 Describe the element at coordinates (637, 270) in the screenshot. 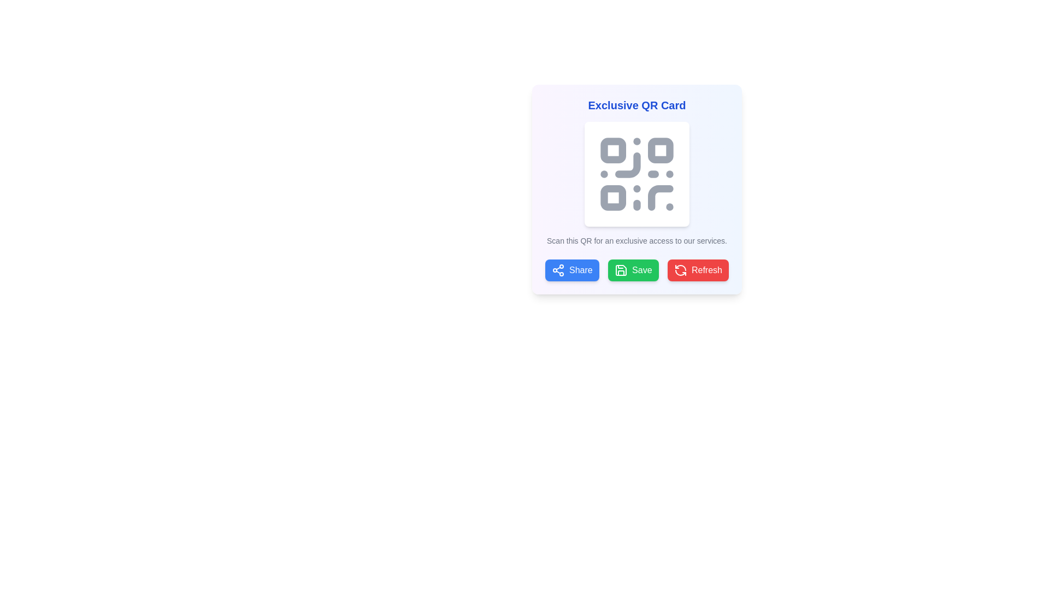

I see `the 'Save' button, which is the second button in a horizontal row of three buttons at the bottom of the 'Exclusive QR Card' component` at that location.